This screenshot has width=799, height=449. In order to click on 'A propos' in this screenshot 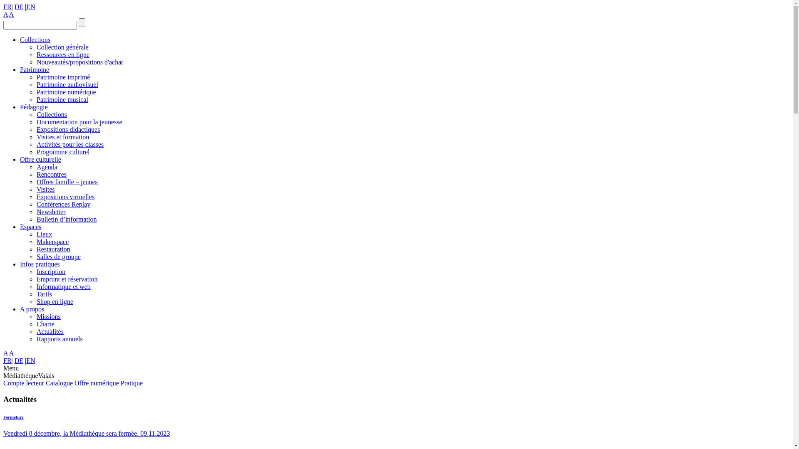, I will do `click(32, 309)`.